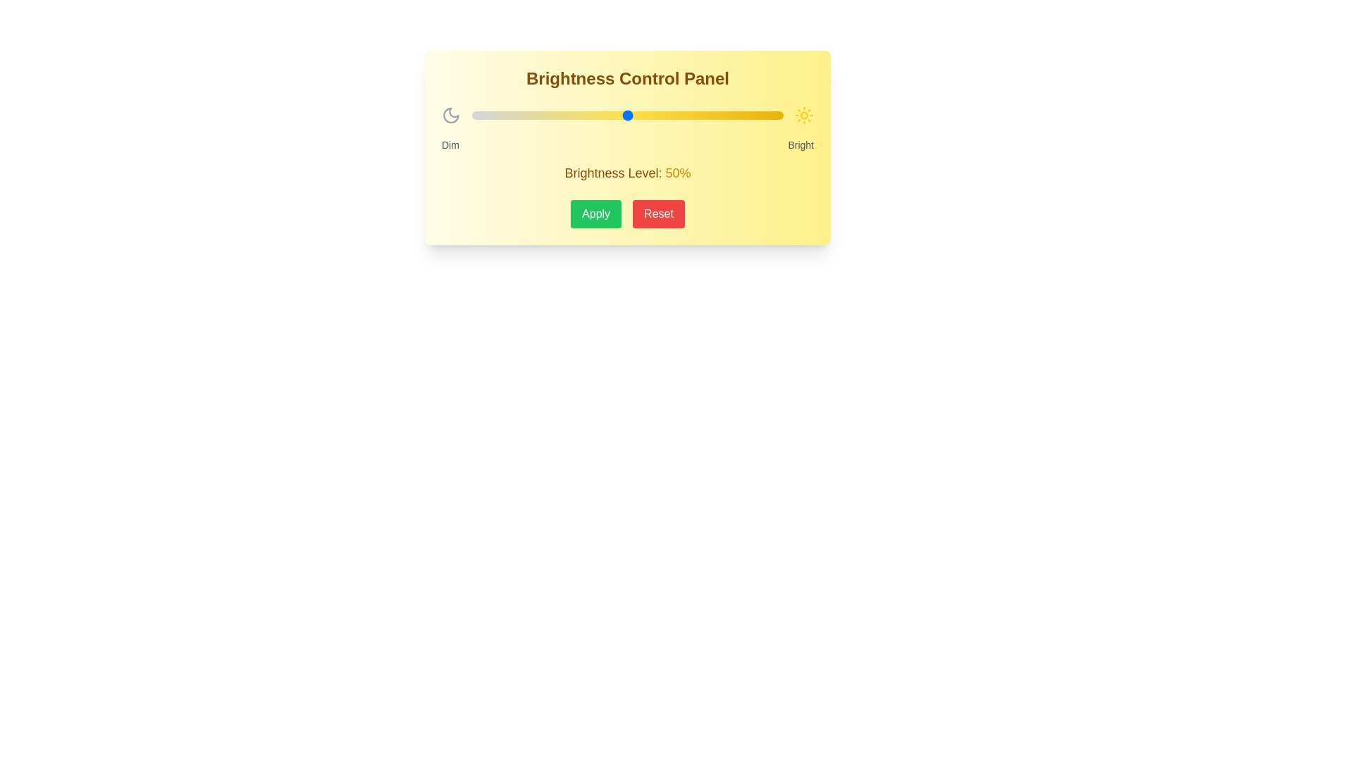 The height and width of the screenshot is (761, 1353). Describe the element at coordinates (658, 214) in the screenshot. I see `the 'Reset' button to reset the brightness setting` at that location.